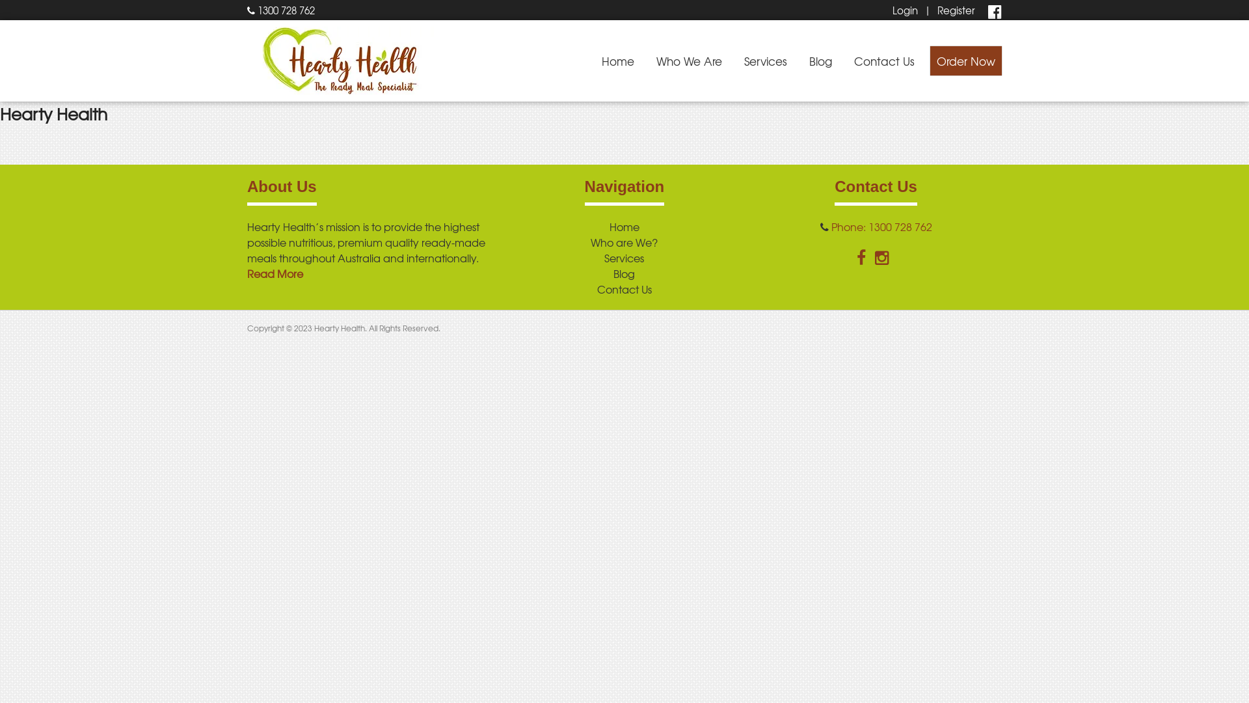  Describe the element at coordinates (274, 273) in the screenshot. I see `'Read More'` at that location.